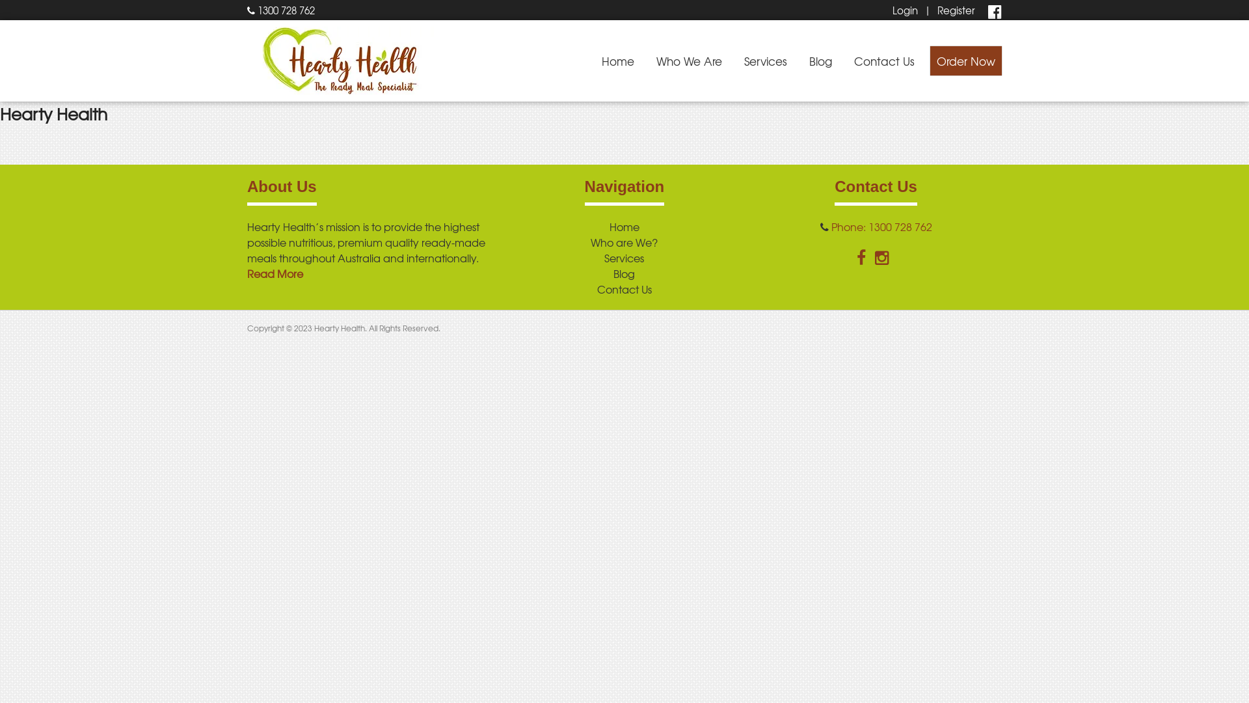  Describe the element at coordinates (274, 273) in the screenshot. I see `'Read More'` at that location.